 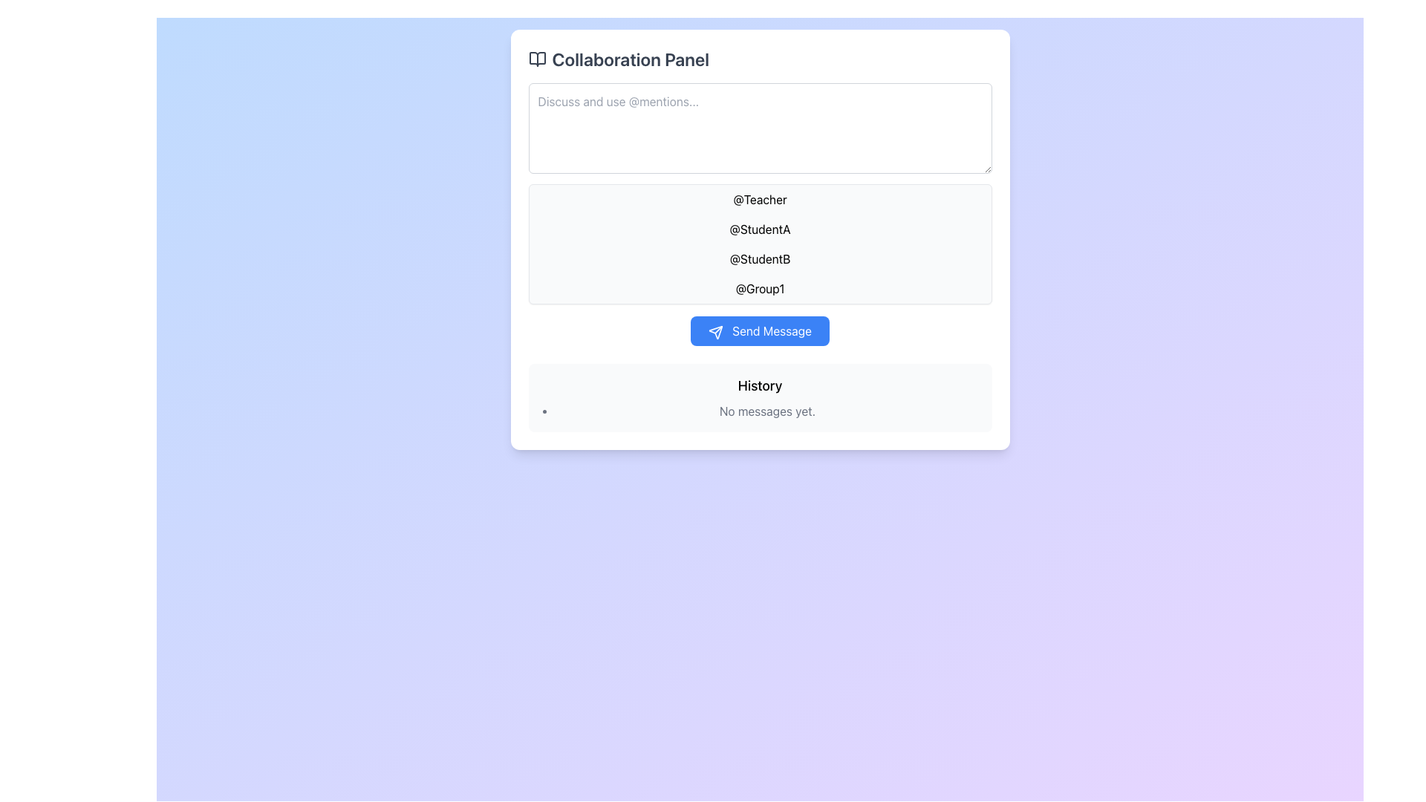 What do you see at coordinates (760, 258) in the screenshot?
I see `the list item representing '@StudentB'` at bounding box center [760, 258].